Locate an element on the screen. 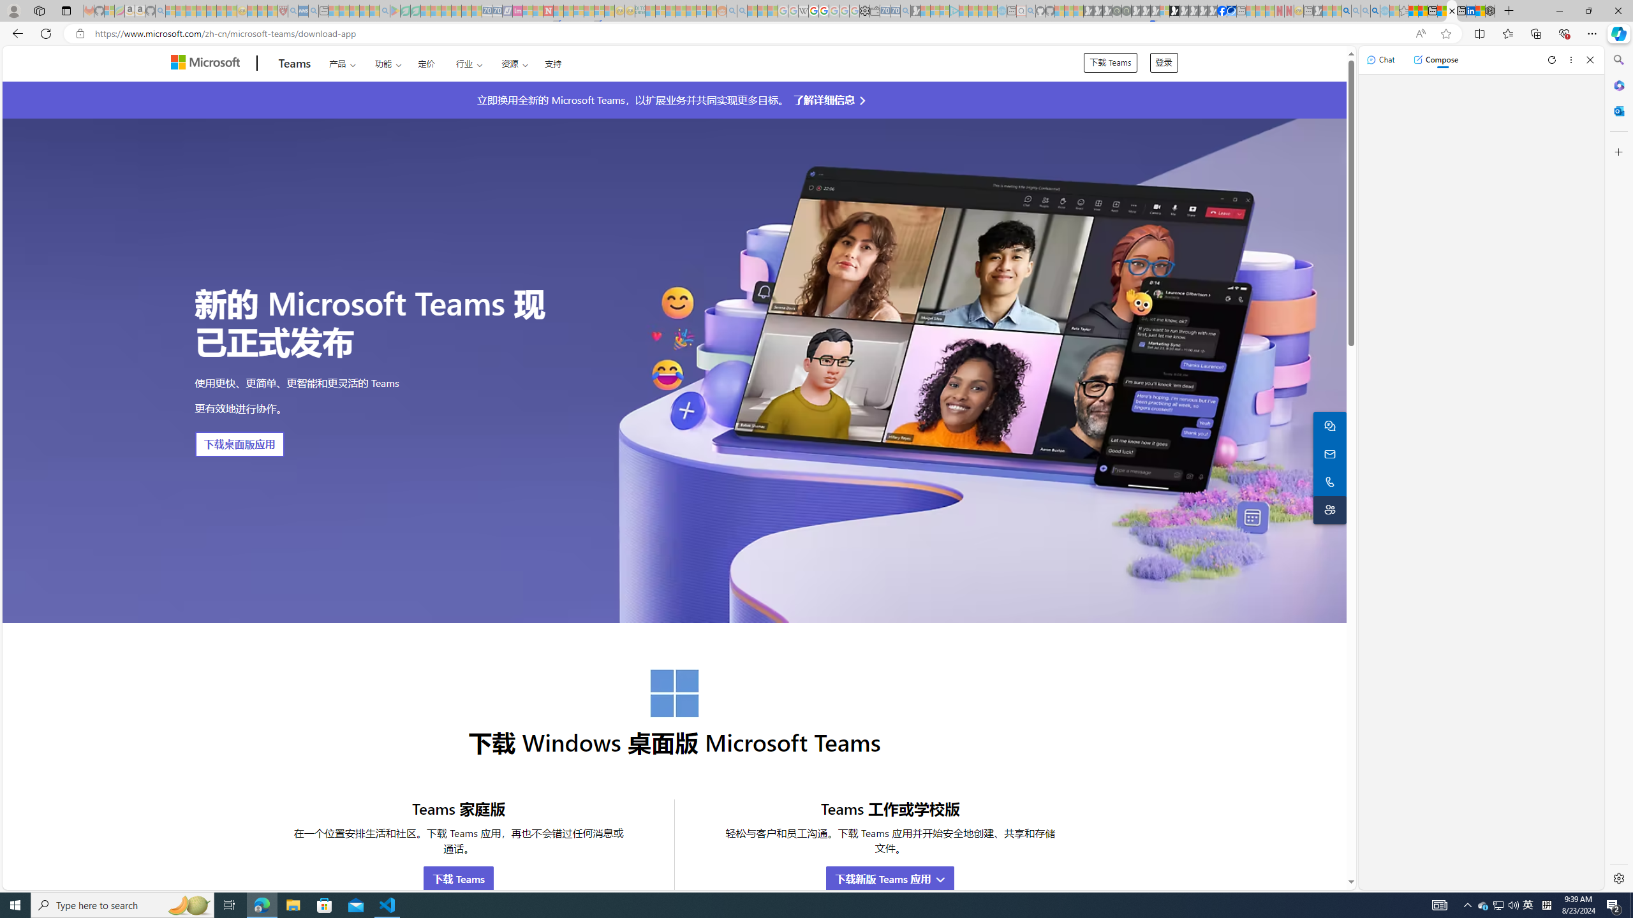  'Future Focus Report 2024 - Sleeping' is located at coordinates (1126, 10).